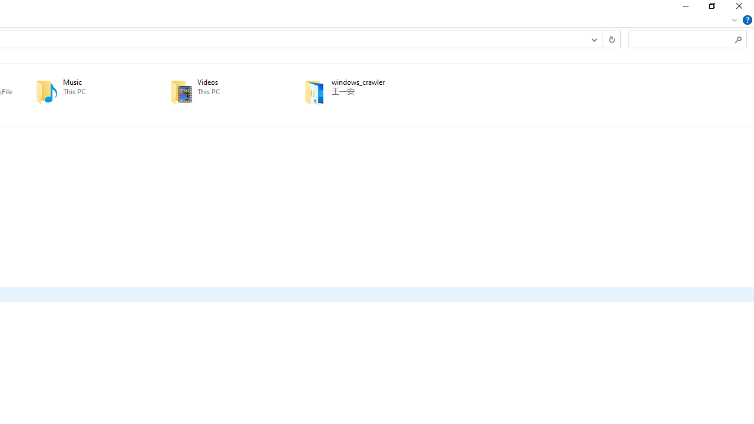  I want to click on 'Previous Locations', so click(594, 38).